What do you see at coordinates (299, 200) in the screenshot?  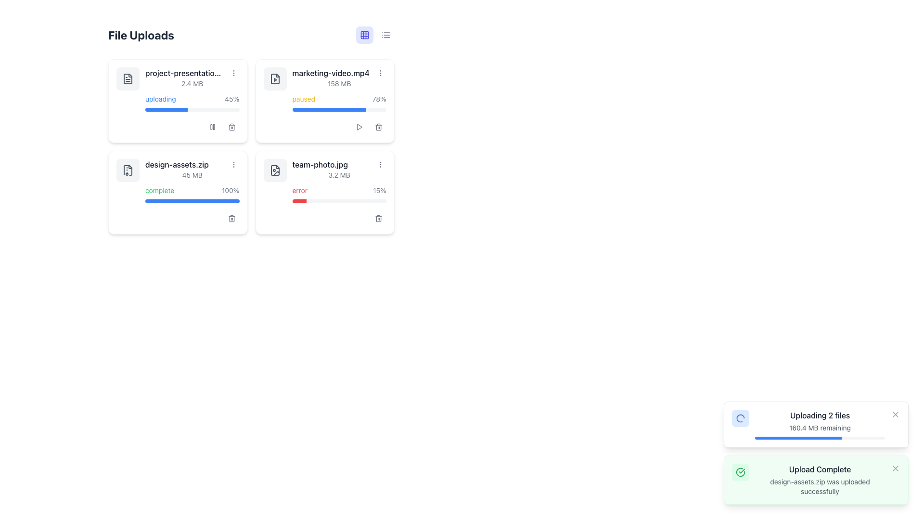 I see `the progress bar segment that indicates a 15% failure in the upload of 'team-photo.jpg'` at bounding box center [299, 200].